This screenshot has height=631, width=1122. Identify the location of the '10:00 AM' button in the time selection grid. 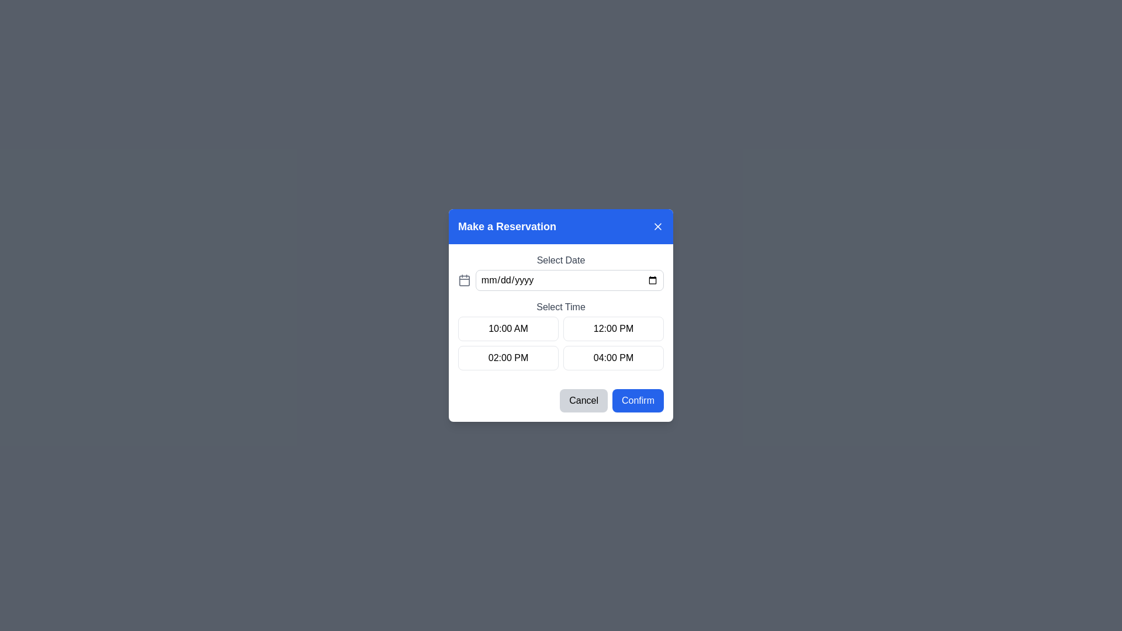
(508, 329).